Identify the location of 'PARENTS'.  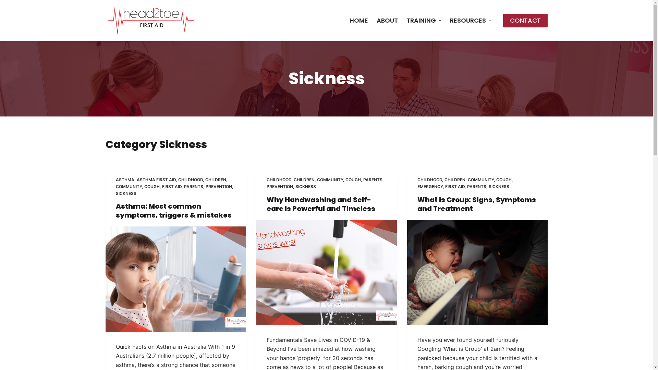
(476, 186).